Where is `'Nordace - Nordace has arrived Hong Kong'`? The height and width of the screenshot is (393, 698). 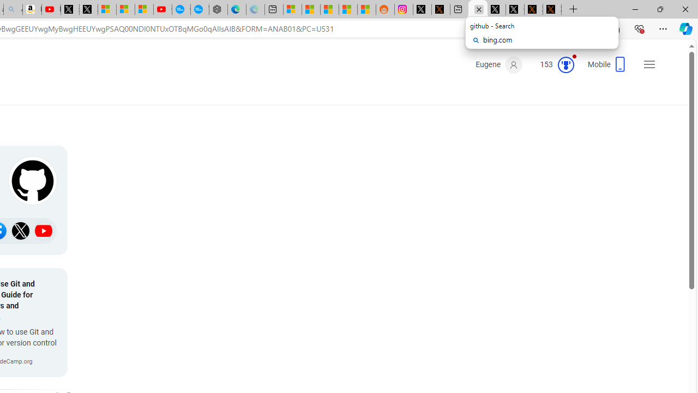 'Nordace - Nordace has arrived Hong Kong' is located at coordinates (218, 9).